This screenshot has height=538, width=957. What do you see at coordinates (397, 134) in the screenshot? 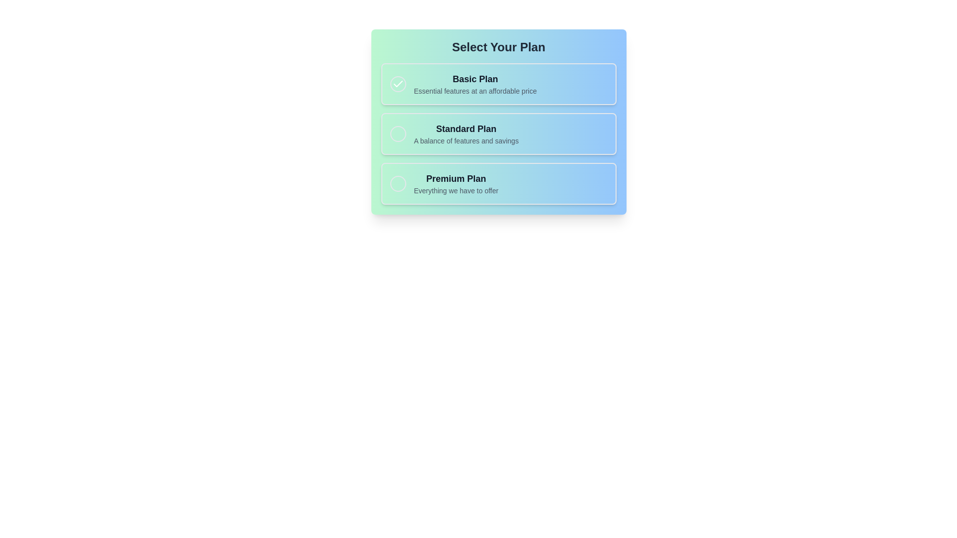
I see `the Circular Selection Indicator, which is a blue-themed circular component located within the 'Standard Plan' section` at bounding box center [397, 134].